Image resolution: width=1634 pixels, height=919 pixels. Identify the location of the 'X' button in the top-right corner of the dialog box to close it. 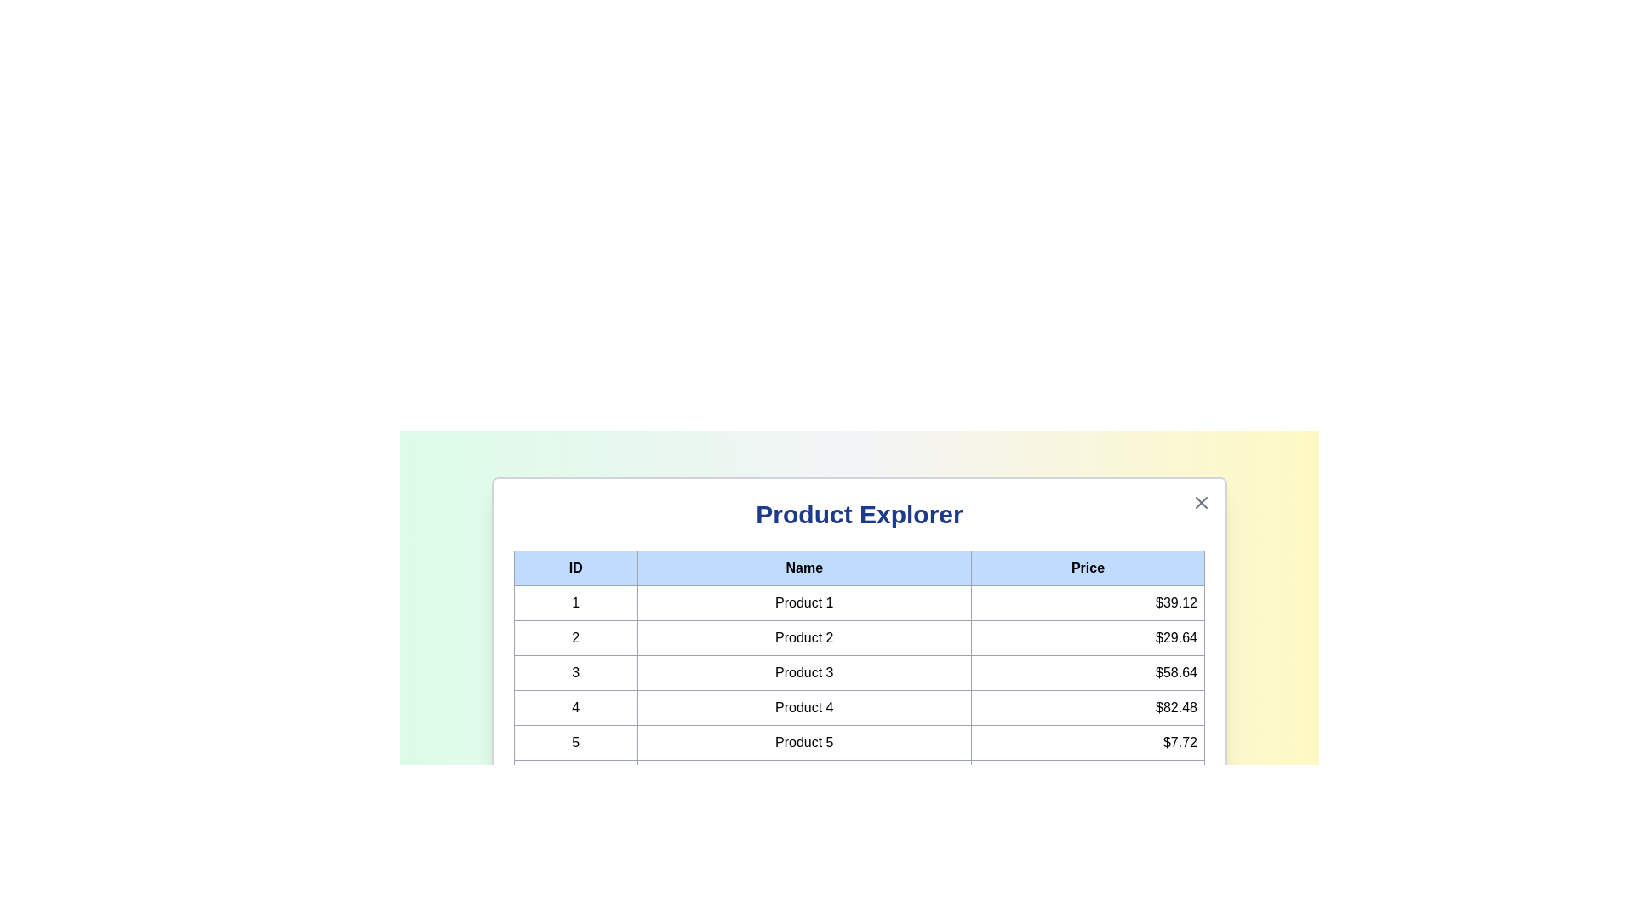
(1200, 501).